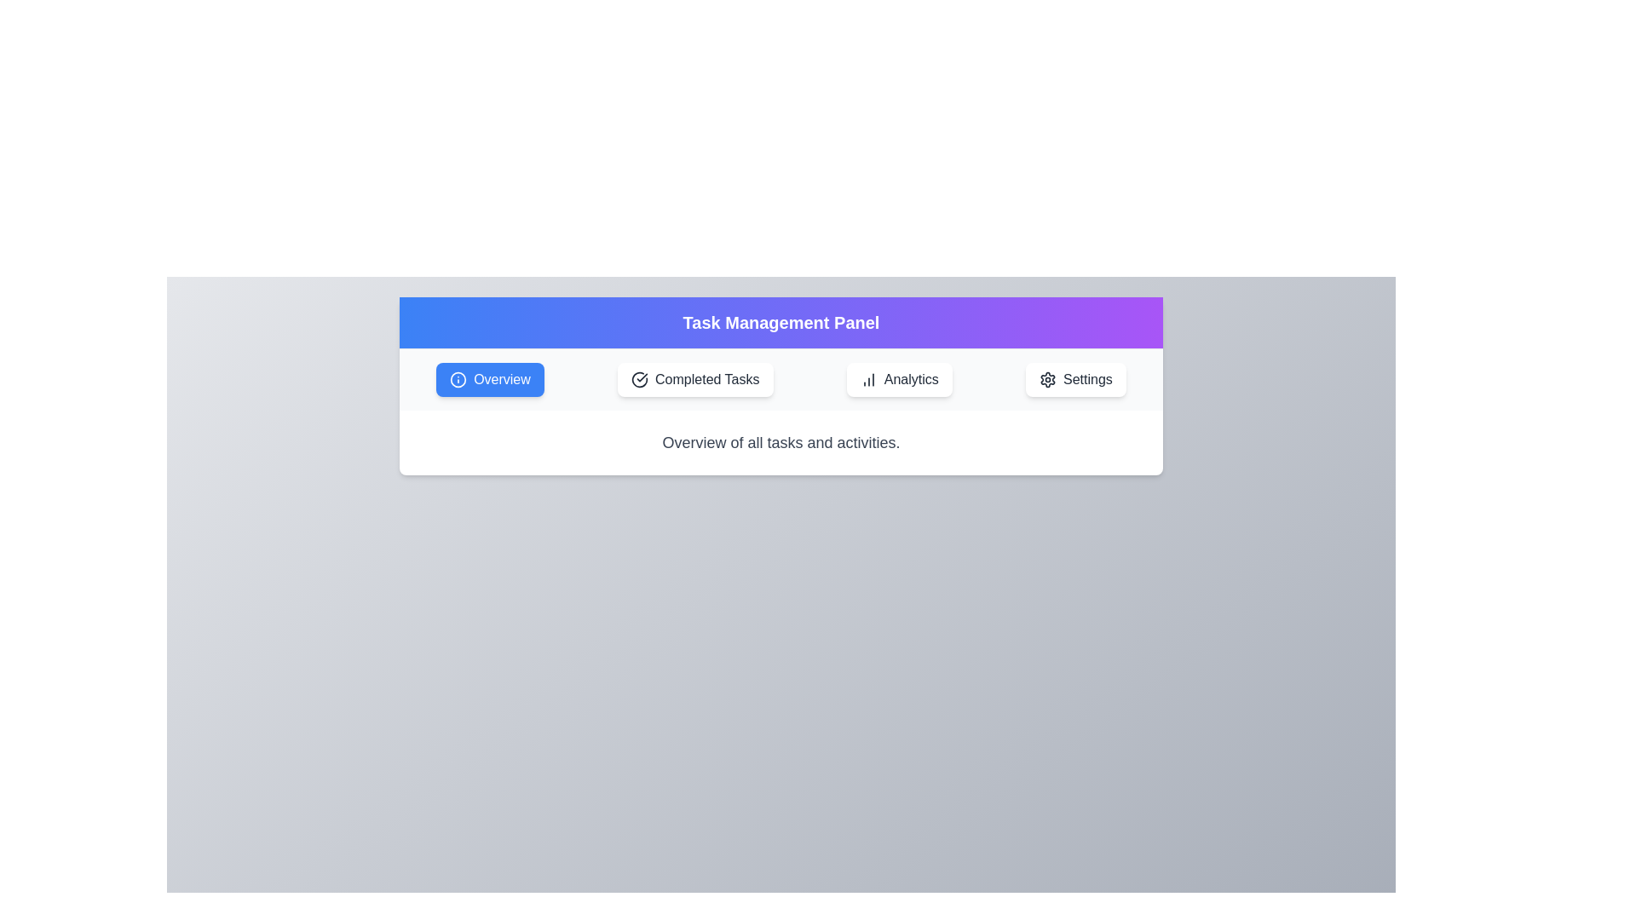 The image size is (1636, 920). What do you see at coordinates (1046, 379) in the screenshot?
I see `the gear icon representing settings located in the navigation panel, which is the fourth button from the left among 'Overview', 'Completed Tasks', and 'Analytics'` at bounding box center [1046, 379].